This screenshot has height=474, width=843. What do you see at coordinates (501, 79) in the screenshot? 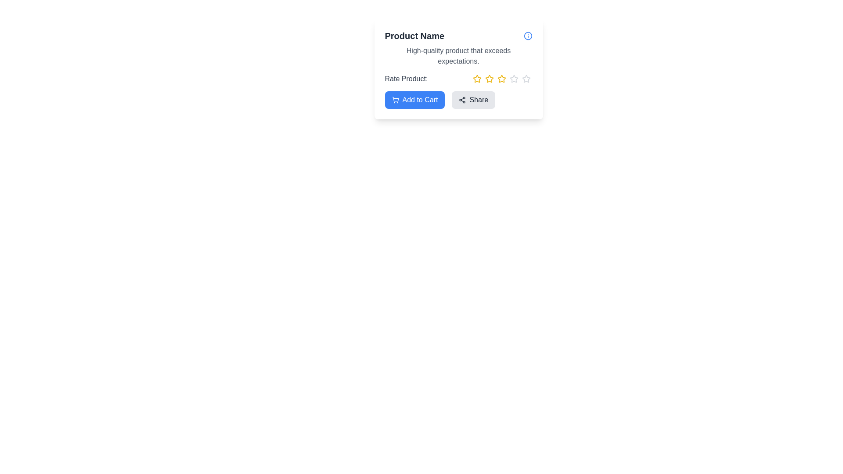
I see `the product rating to 3 stars by clicking on the corresponding star` at bounding box center [501, 79].